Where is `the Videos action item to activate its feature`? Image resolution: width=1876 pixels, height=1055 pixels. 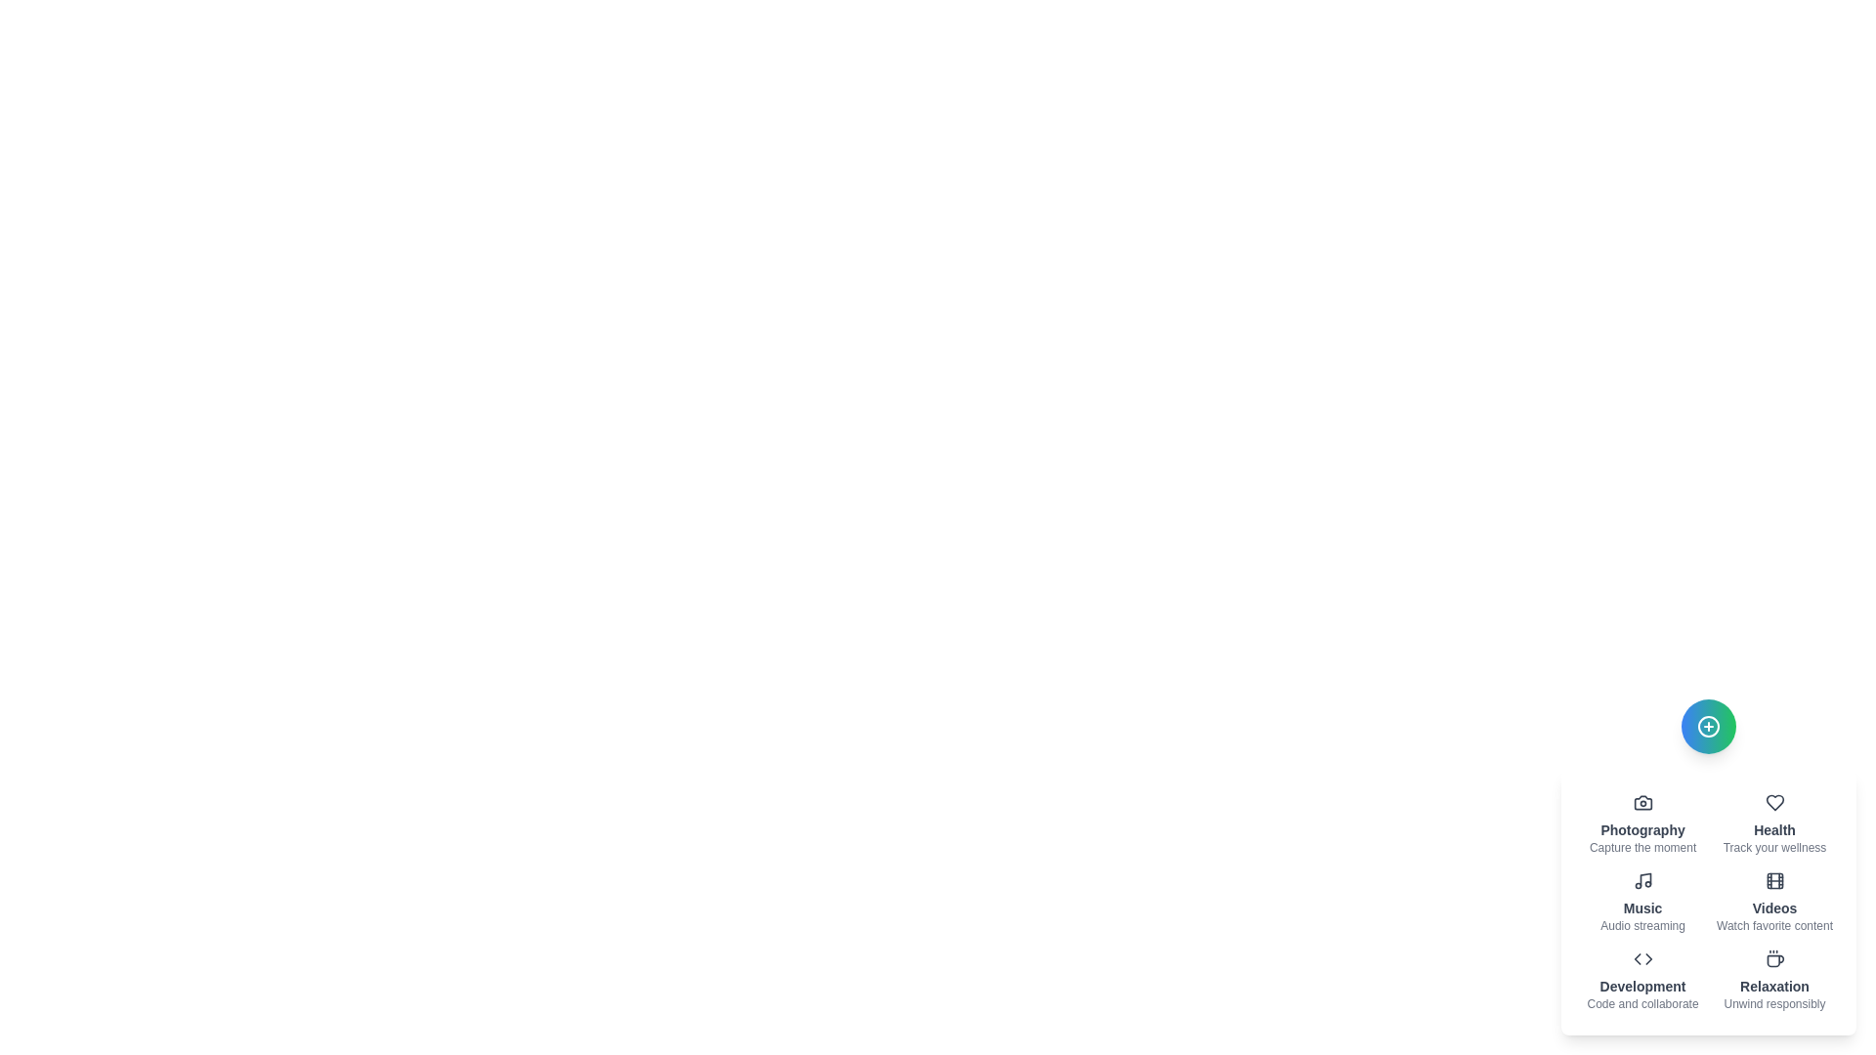 the Videos action item to activate its feature is located at coordinates (1774, 903).